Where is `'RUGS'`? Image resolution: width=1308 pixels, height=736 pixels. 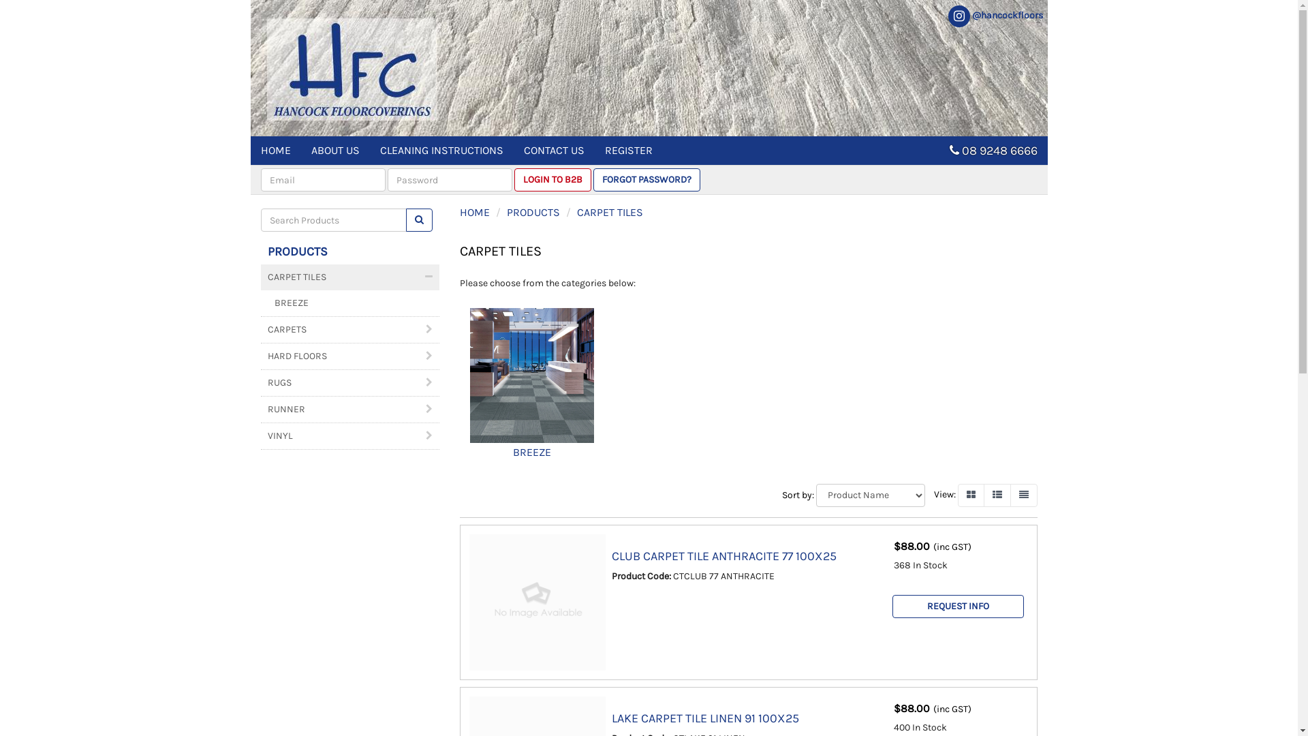
'RUGS' is located at coordinates (349, 383).